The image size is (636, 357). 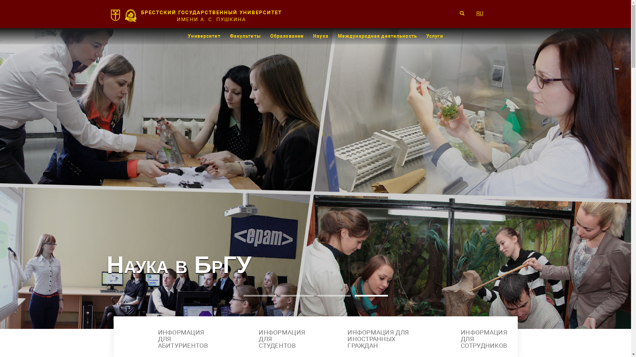 What do you see at coordinates (370, 295) in the screenshot?
I see `'4'` at bounding box center [370, 295].